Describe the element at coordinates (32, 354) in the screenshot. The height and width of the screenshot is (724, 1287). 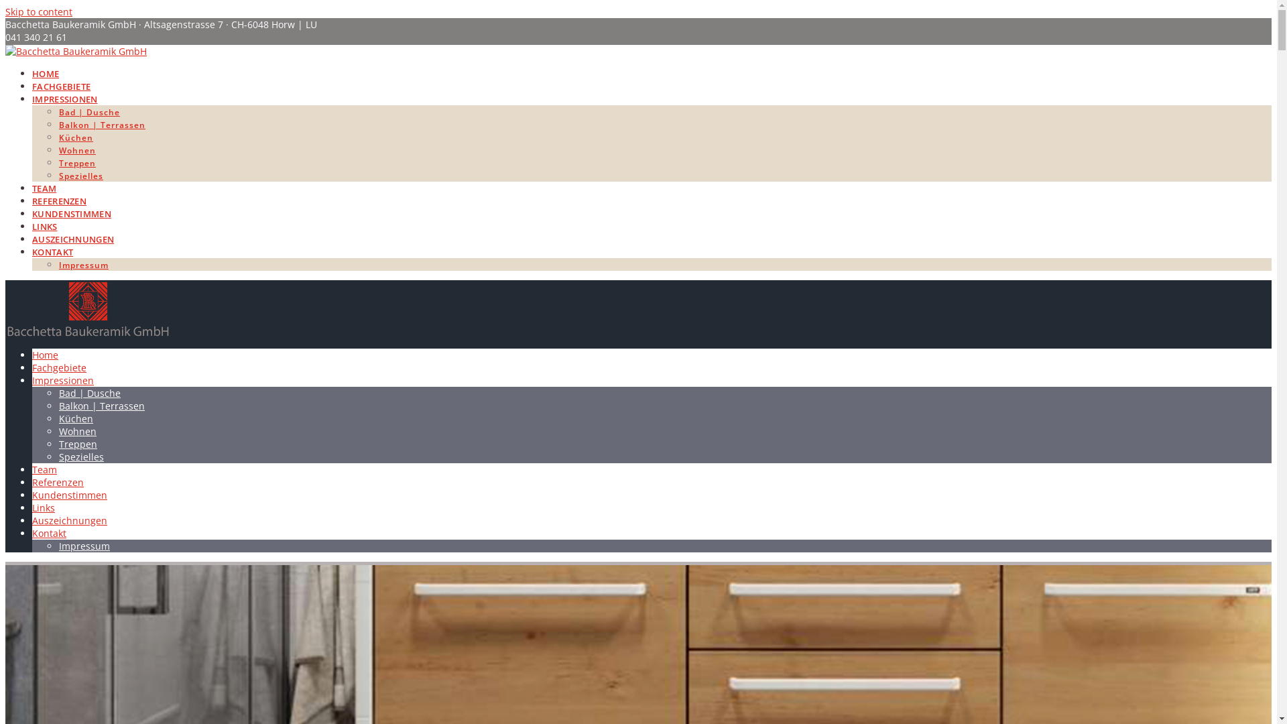
I see `'Home'` at that location.